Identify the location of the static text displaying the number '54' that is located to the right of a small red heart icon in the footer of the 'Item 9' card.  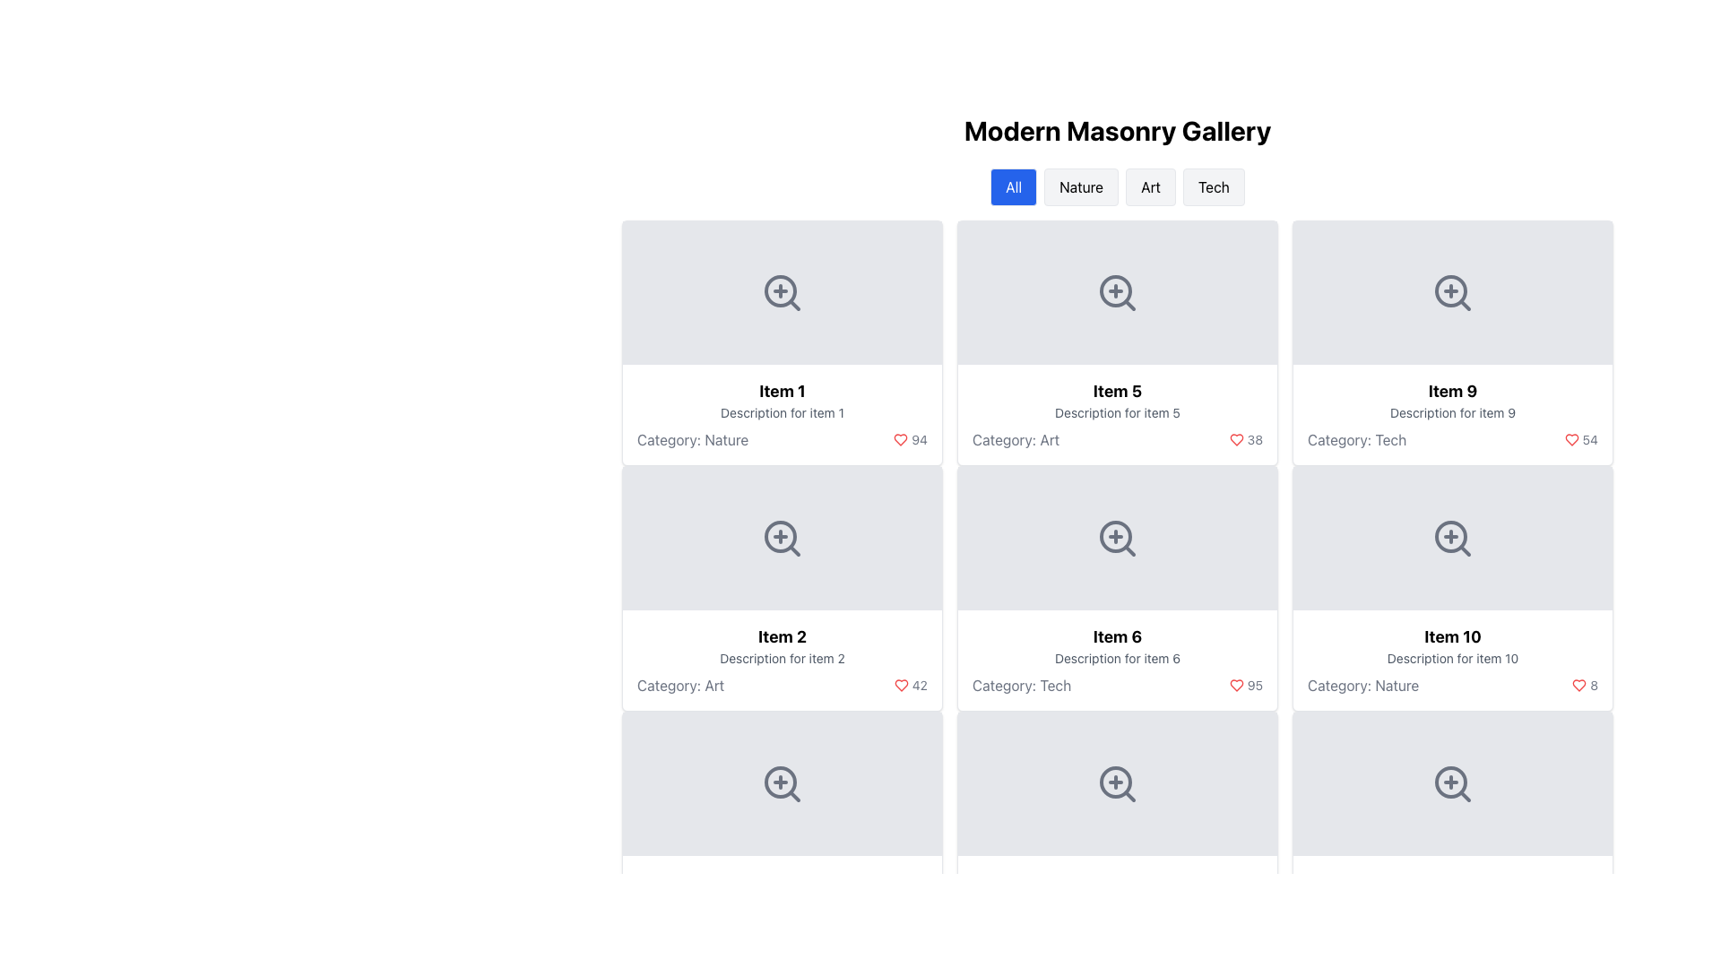
(1590, 439).